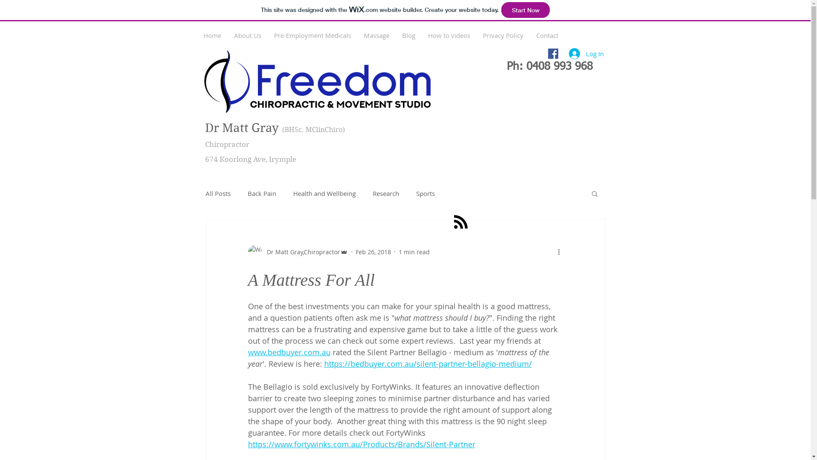  I want to click on 'Pre-Employment Medicals', so click(311, 35).